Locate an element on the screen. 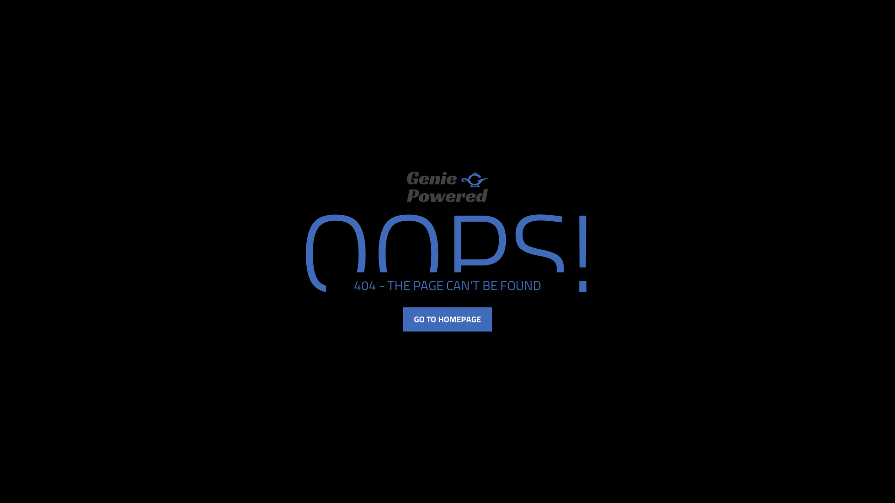 The image size is (895, 503). 'GO TO HOMEPAGE' is located at coordinates (447, 319).